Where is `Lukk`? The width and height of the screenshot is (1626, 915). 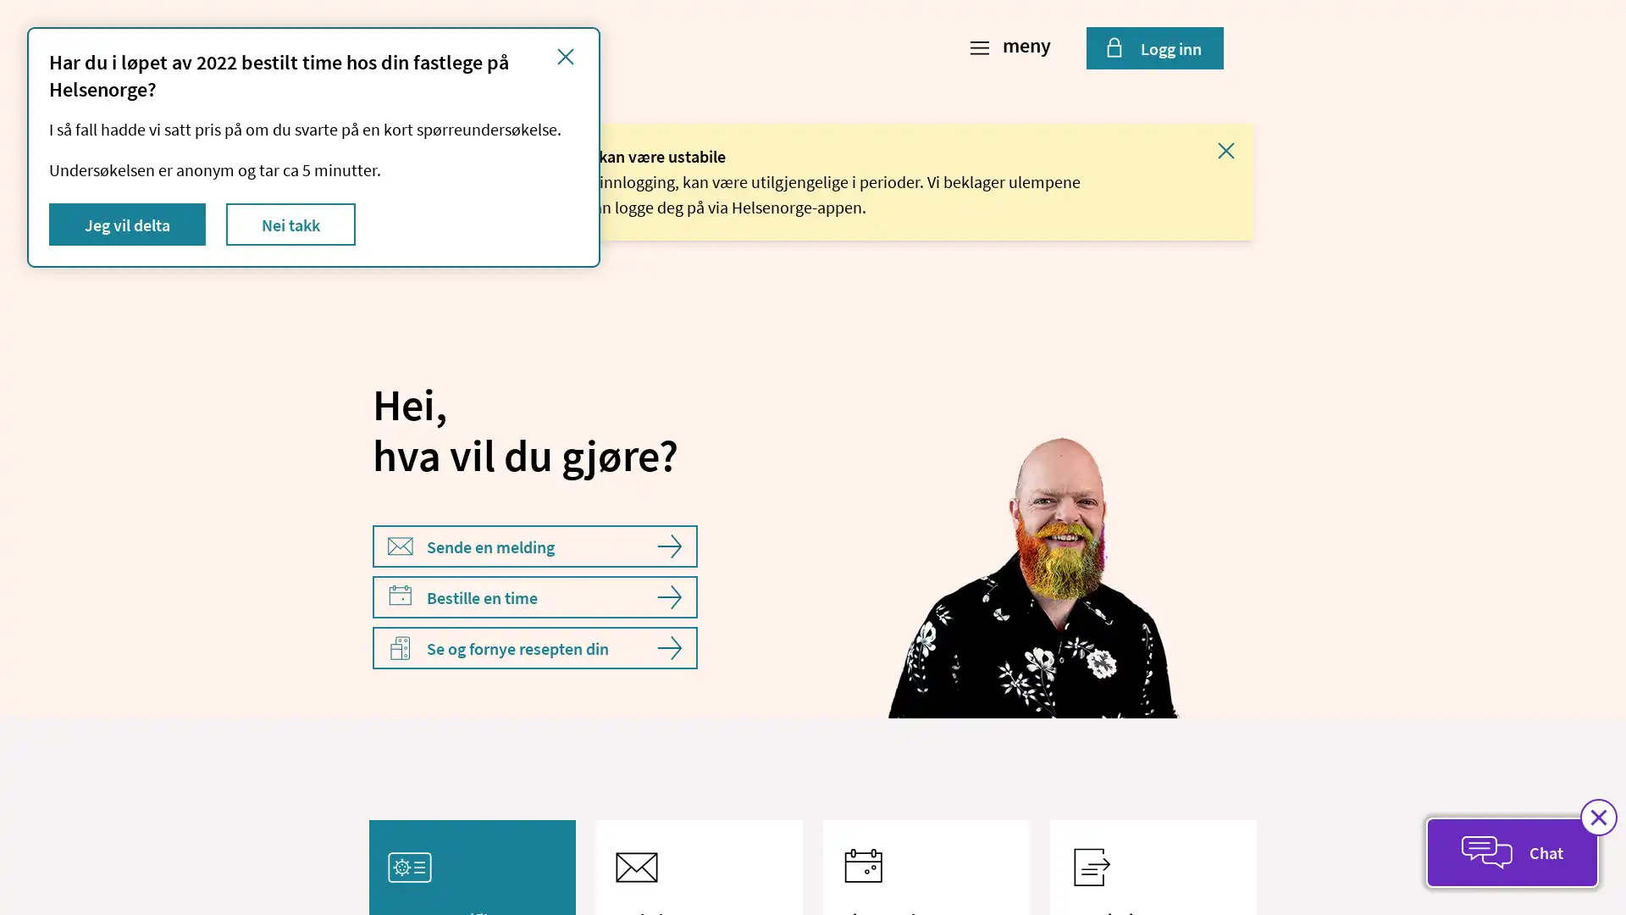 Lukk is located at coordinates (1226, 149).